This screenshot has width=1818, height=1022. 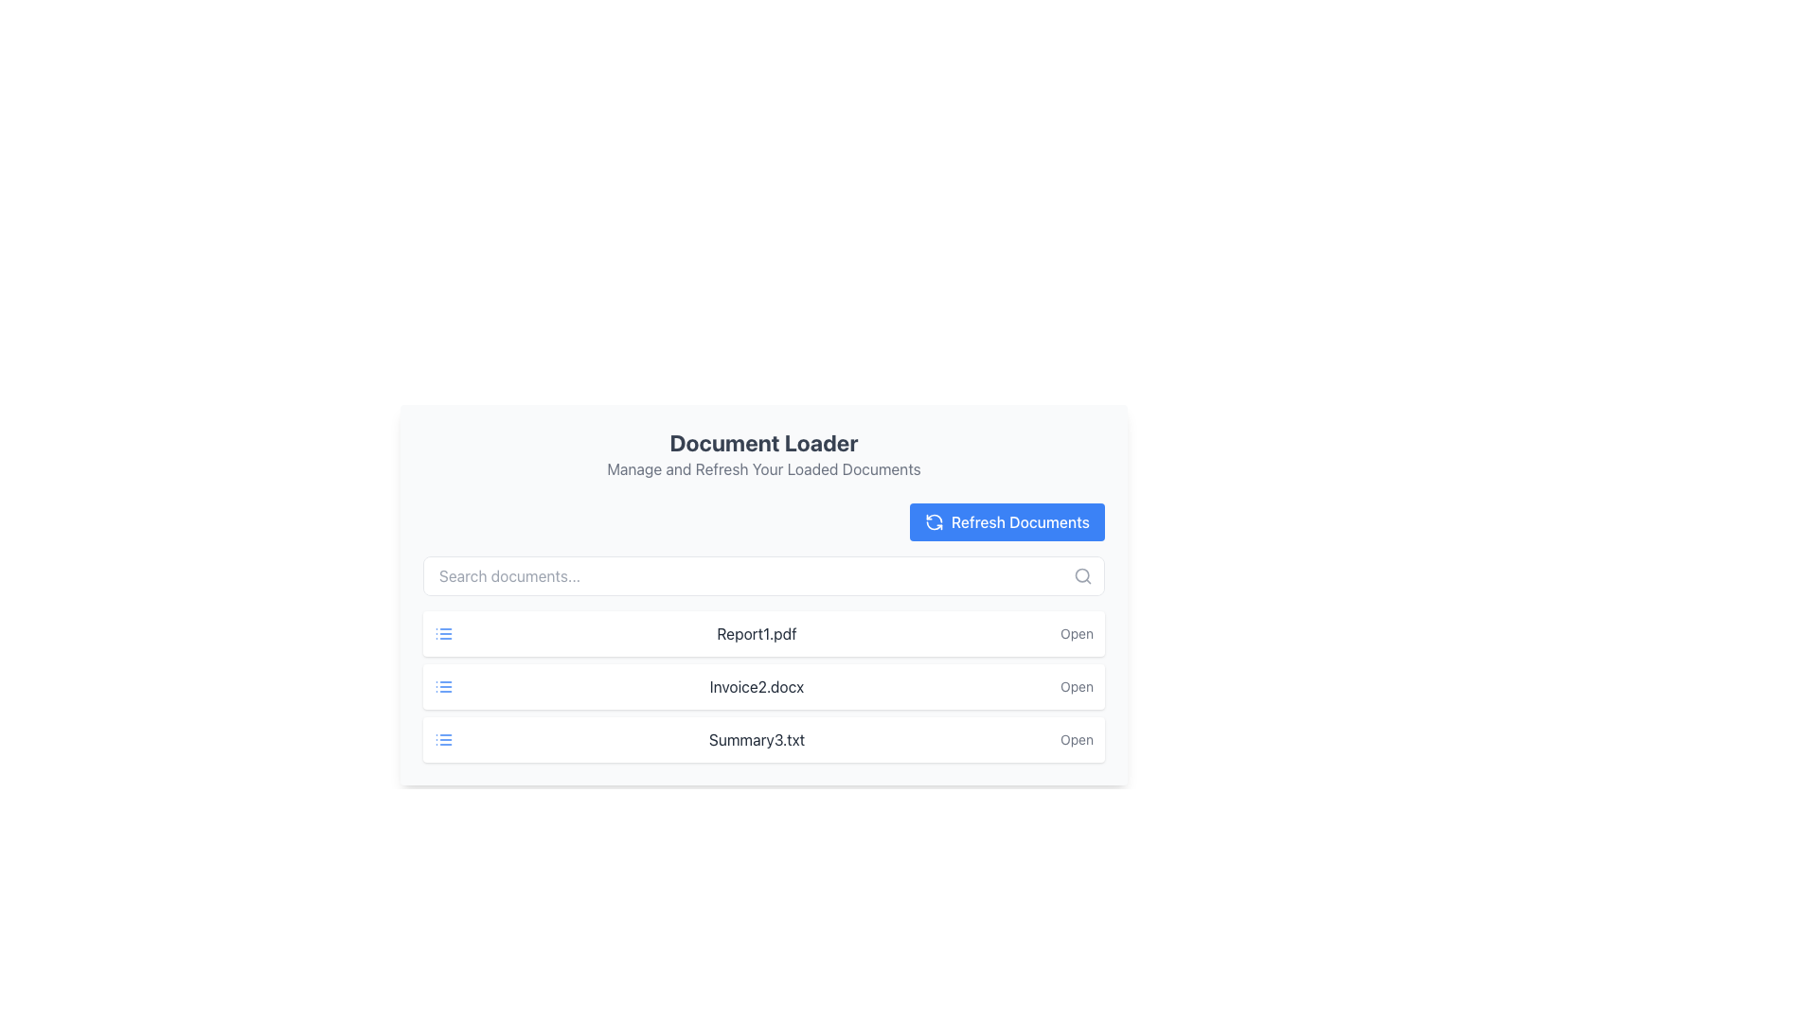 What do you see at coordinates (443, 634) in the screenshot?
I see `the list icon, which features three horizontal blue lines and dots, located in the row for 'Report1.pdf'` at bounding box center [443, 634].